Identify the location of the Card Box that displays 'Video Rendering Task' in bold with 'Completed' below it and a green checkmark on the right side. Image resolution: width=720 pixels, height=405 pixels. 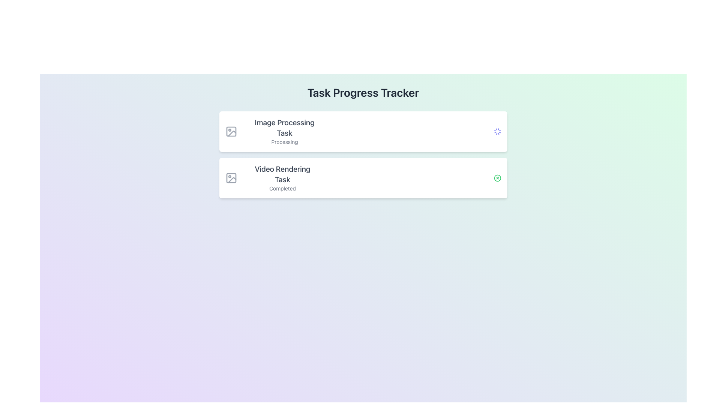
(363, 178).